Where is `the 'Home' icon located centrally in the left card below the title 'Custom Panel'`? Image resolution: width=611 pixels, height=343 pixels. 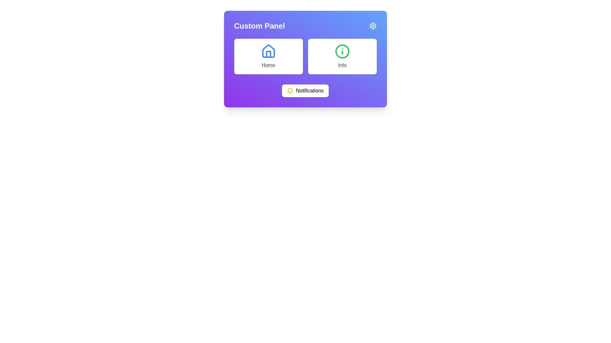
the 'Home' icon located centrally in the left card below the title 'Custom Panel' is located at coordinates (268, 51).